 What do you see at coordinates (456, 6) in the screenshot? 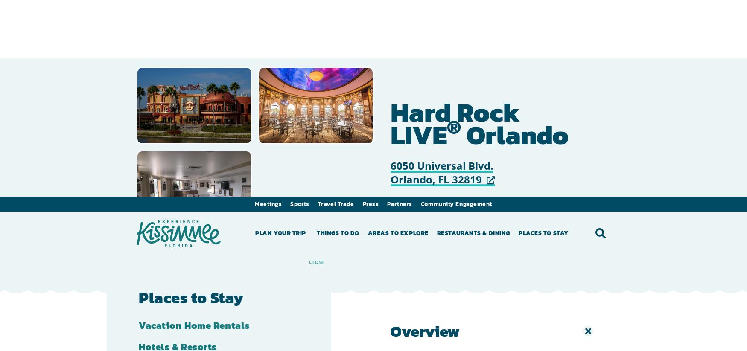
I see `'Community Engagement'` at bounding box center [456, 6].